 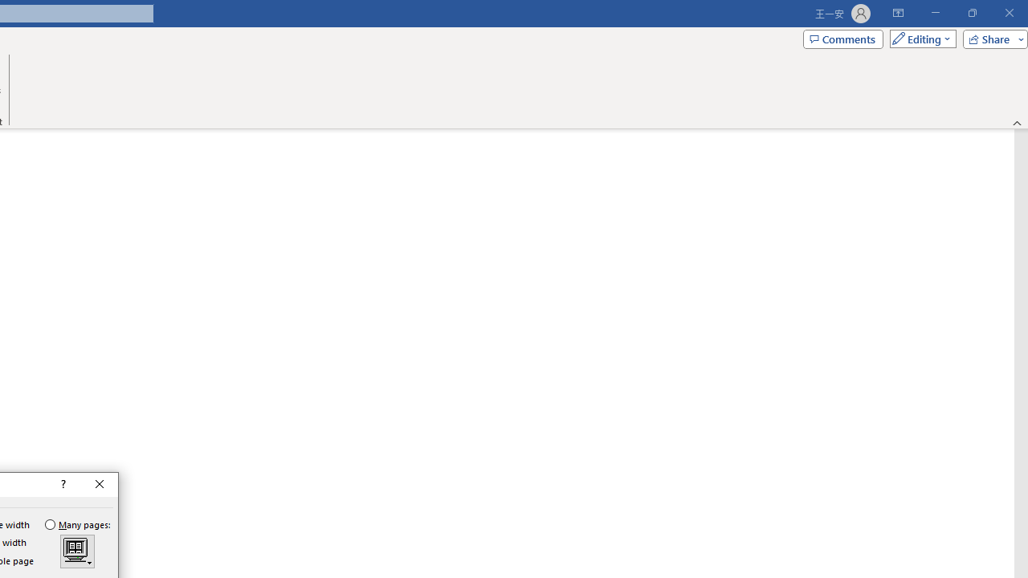 What do you see at coordinates (78, 524) in the screenshot?
I see `'Many pages:'` at bounding box center [78, 524].